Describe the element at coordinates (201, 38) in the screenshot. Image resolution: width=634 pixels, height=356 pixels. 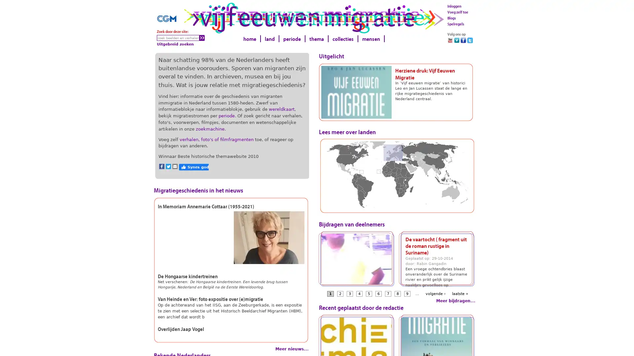
I see `Zoeken` at that location.